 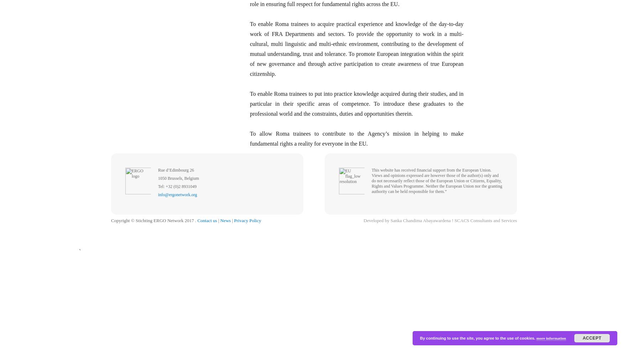 What do you see at coordinates (178, 178) in the screenshot?
I see `'1050 Brussels, Belgium'` at bounding box center [178, 178].